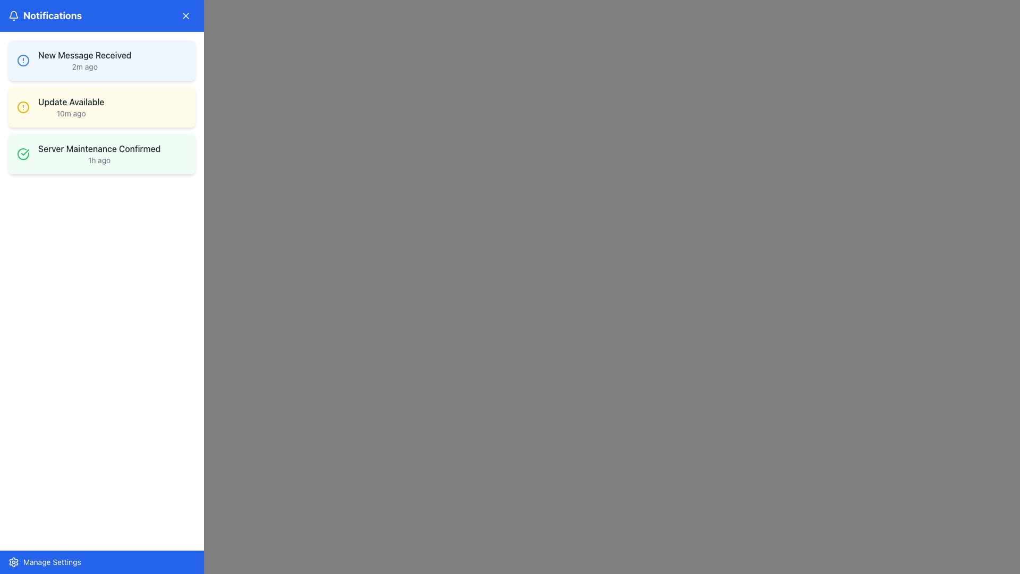 The image size is (1020, 574). I want to click on the leftmost icon of the 'New Message Received' notification item, so click(23, 61).